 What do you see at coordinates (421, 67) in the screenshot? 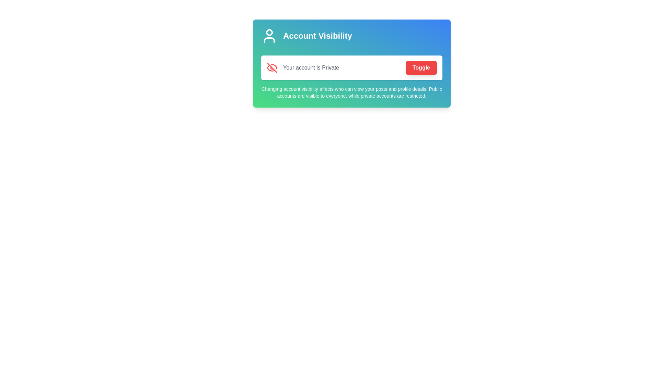
I see `the button located to the right of the text 'Your account is Private' within the 'Account Visibility' panel` at bounding box center [421, 67].